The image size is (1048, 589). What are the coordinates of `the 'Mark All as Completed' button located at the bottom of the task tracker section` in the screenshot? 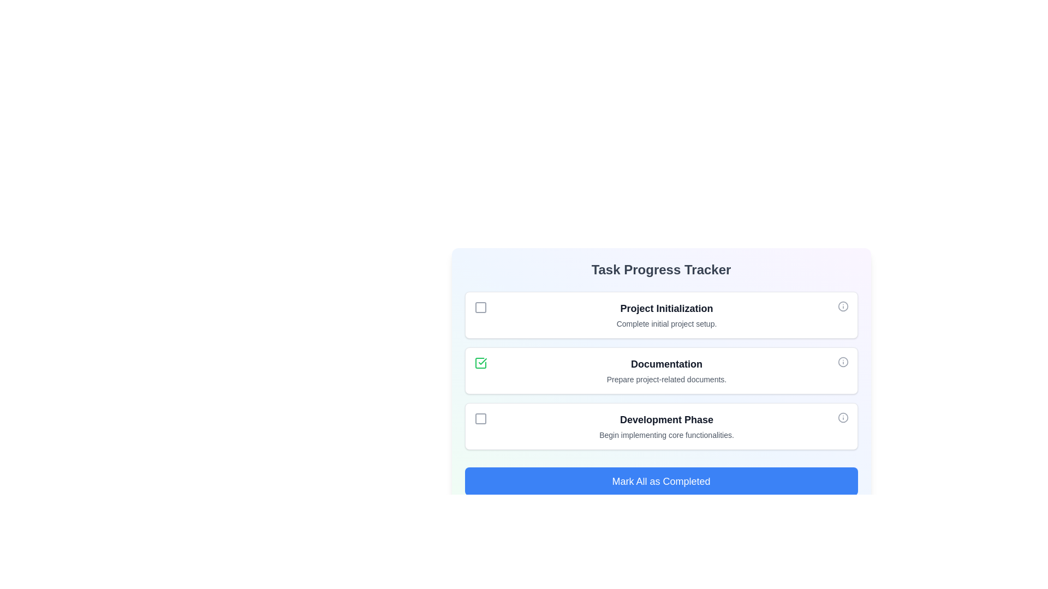 It's located at (660, 481).